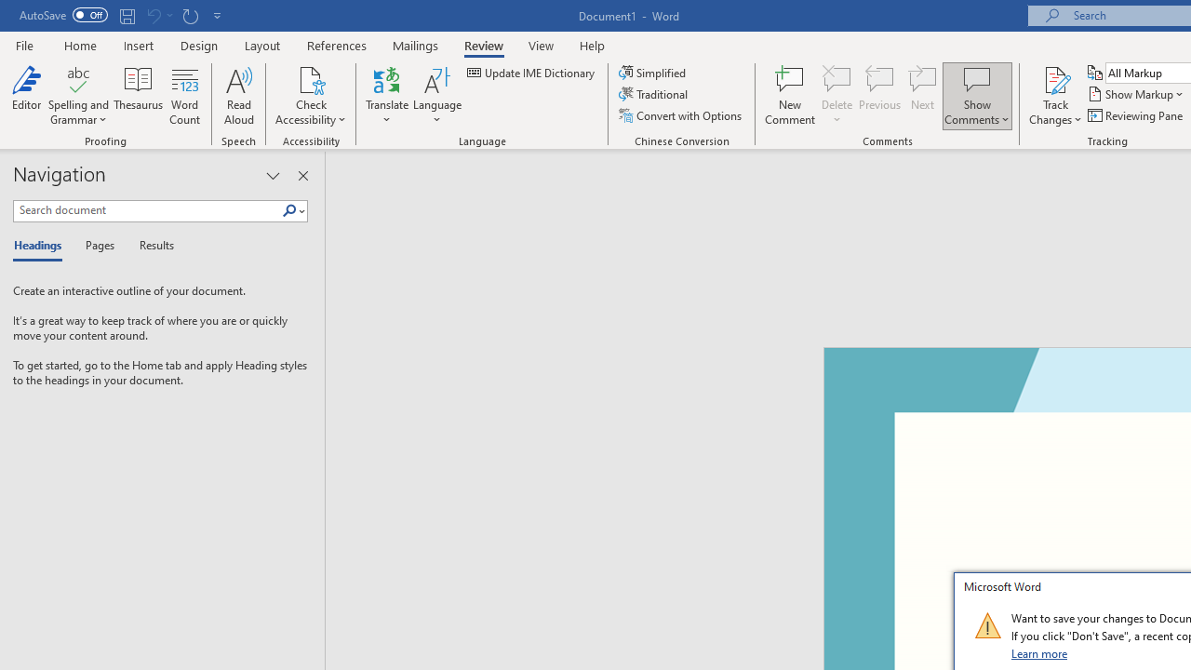 The height and width of the screenshot is (670, 1191). What do you see at coordinates (386, 96) in the screenshot?
I see `'Translate'` at bounding box center [386, 96].